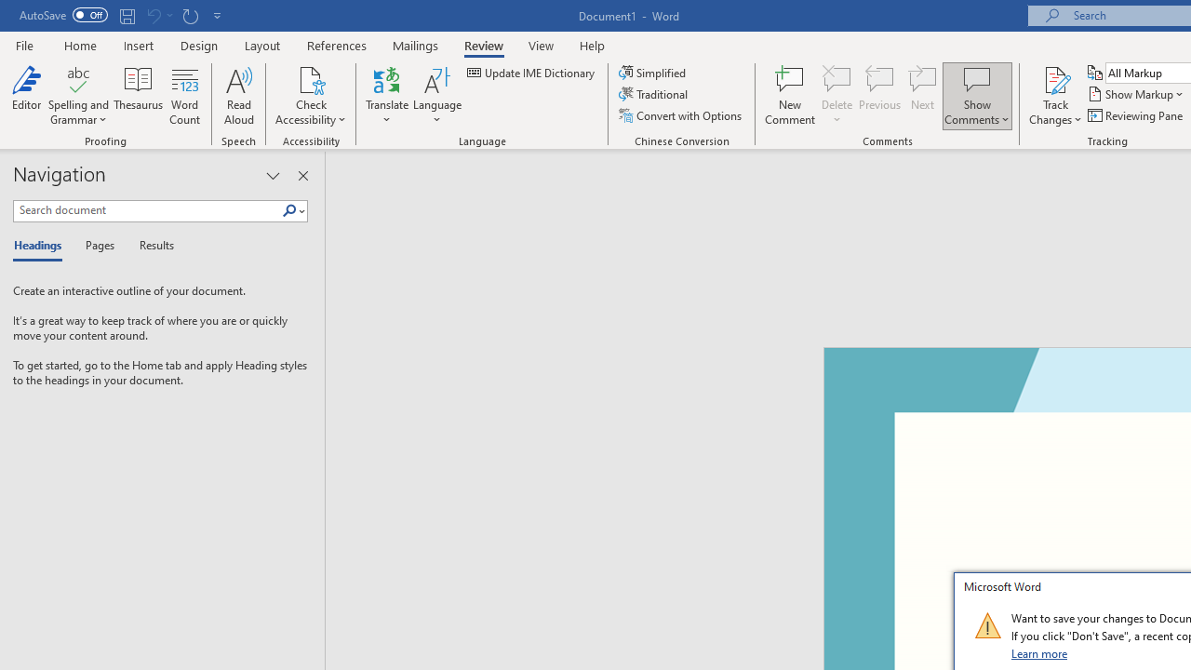 The height and width of the screenshot is (670, 1191). What do you see at coordinates (386, 96) in the screenshot?
I see `'Translate'` at bounding box center [386, 96].